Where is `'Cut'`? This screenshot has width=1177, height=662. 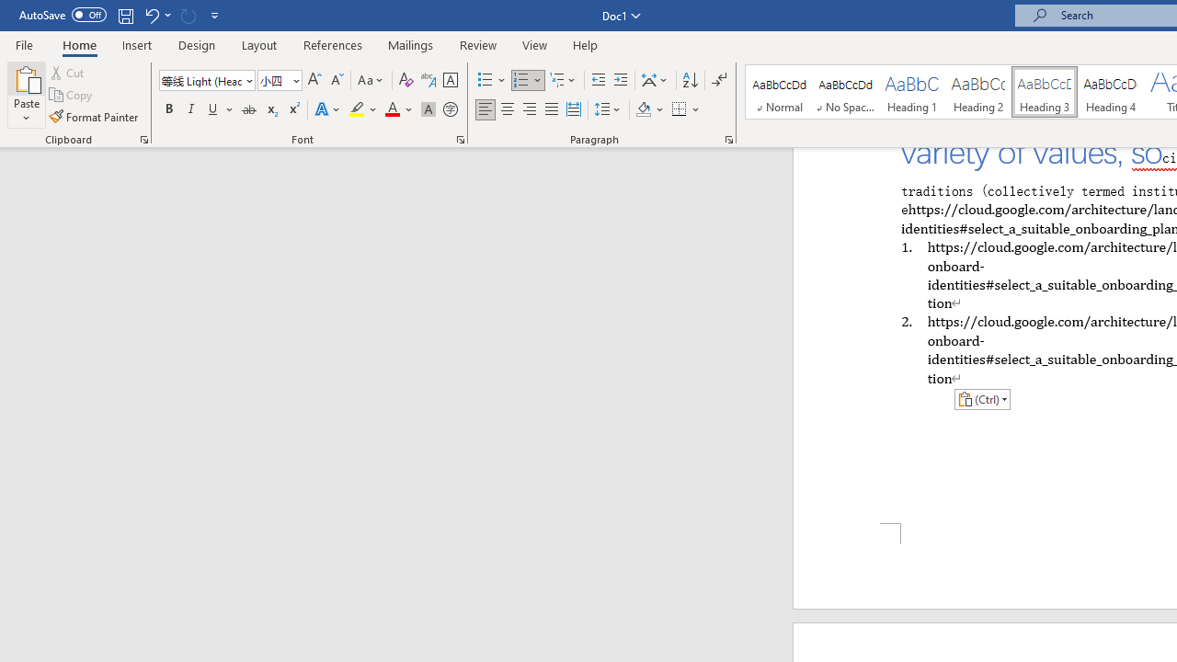
'Cut' is located at coordinates (68, 72).